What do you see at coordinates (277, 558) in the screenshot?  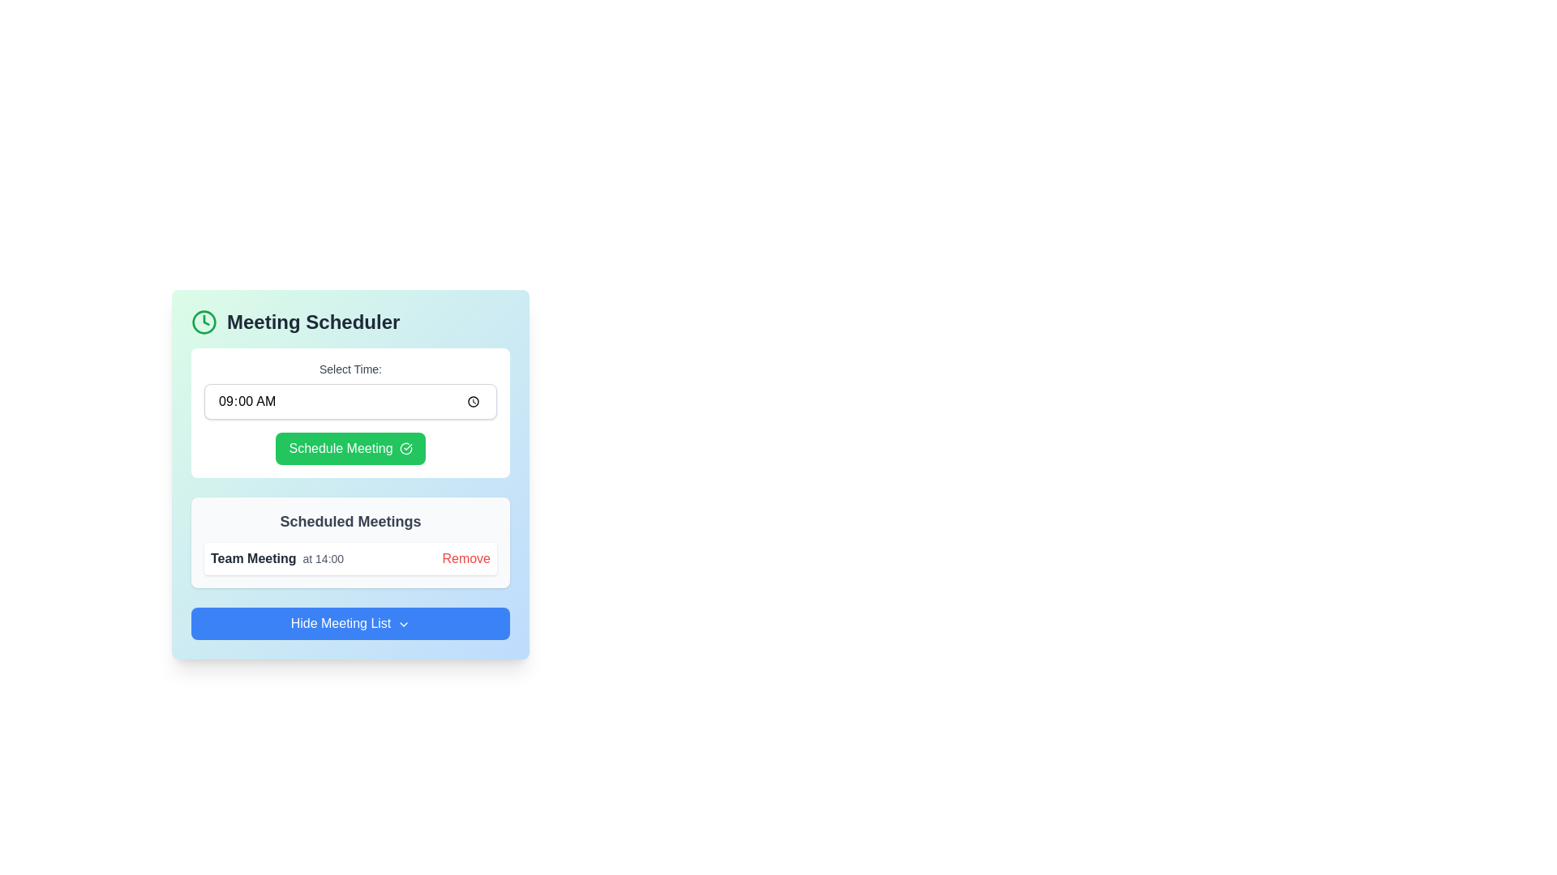 I see `text label 'Team Meeting at 14:00' located in the 'Scheduled Meetings' section, positioned to the left of the red 'Remove' button` at bounding box center [277, 558].